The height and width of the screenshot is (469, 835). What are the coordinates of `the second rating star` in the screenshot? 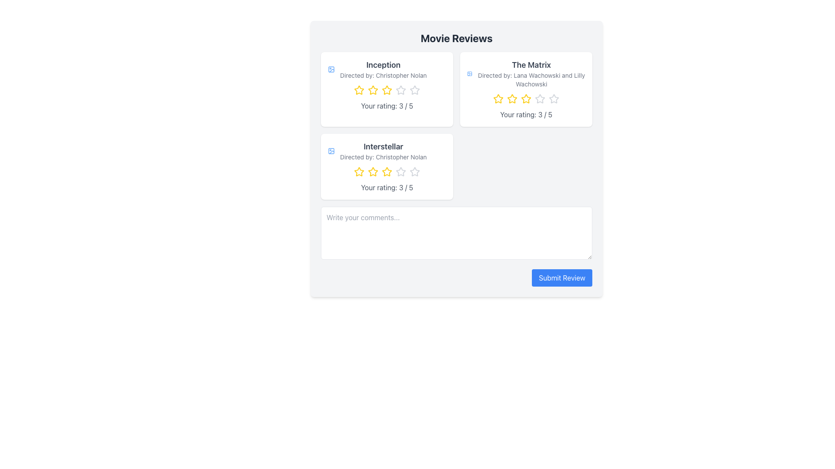 It's located at (512, 98).